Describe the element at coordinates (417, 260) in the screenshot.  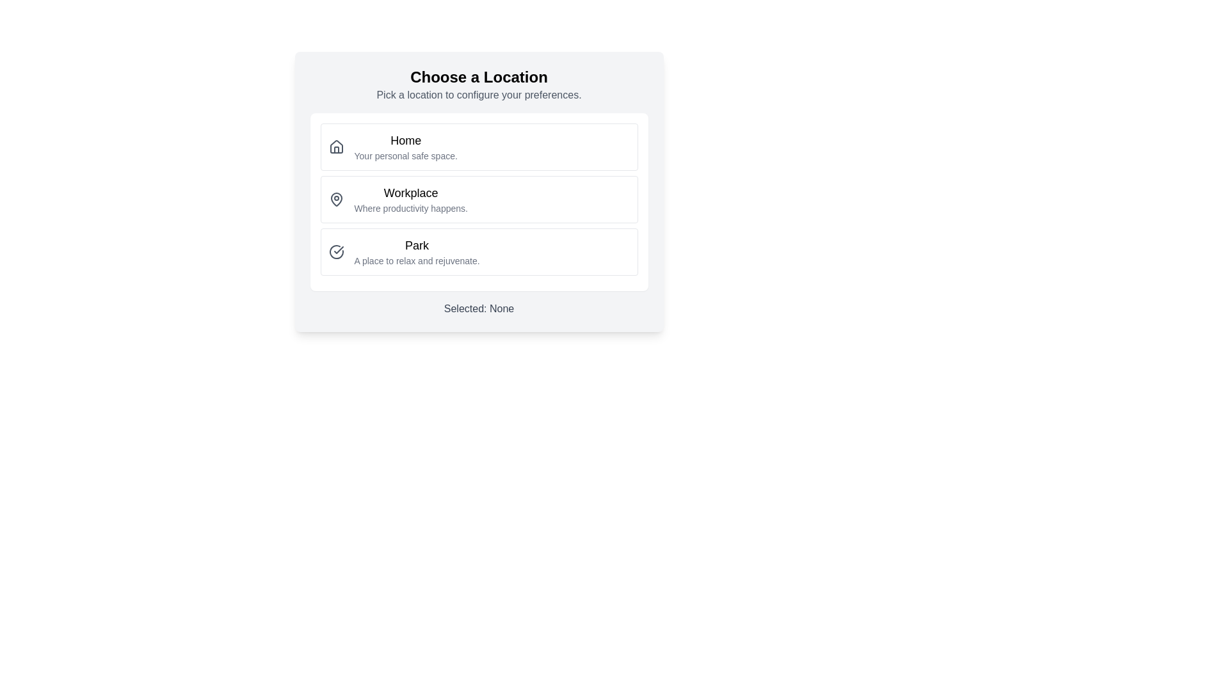
I see `additional descriptive information provided by the text located directly below the title 'Park' in the third option group of the card-like selection interface` at that location.